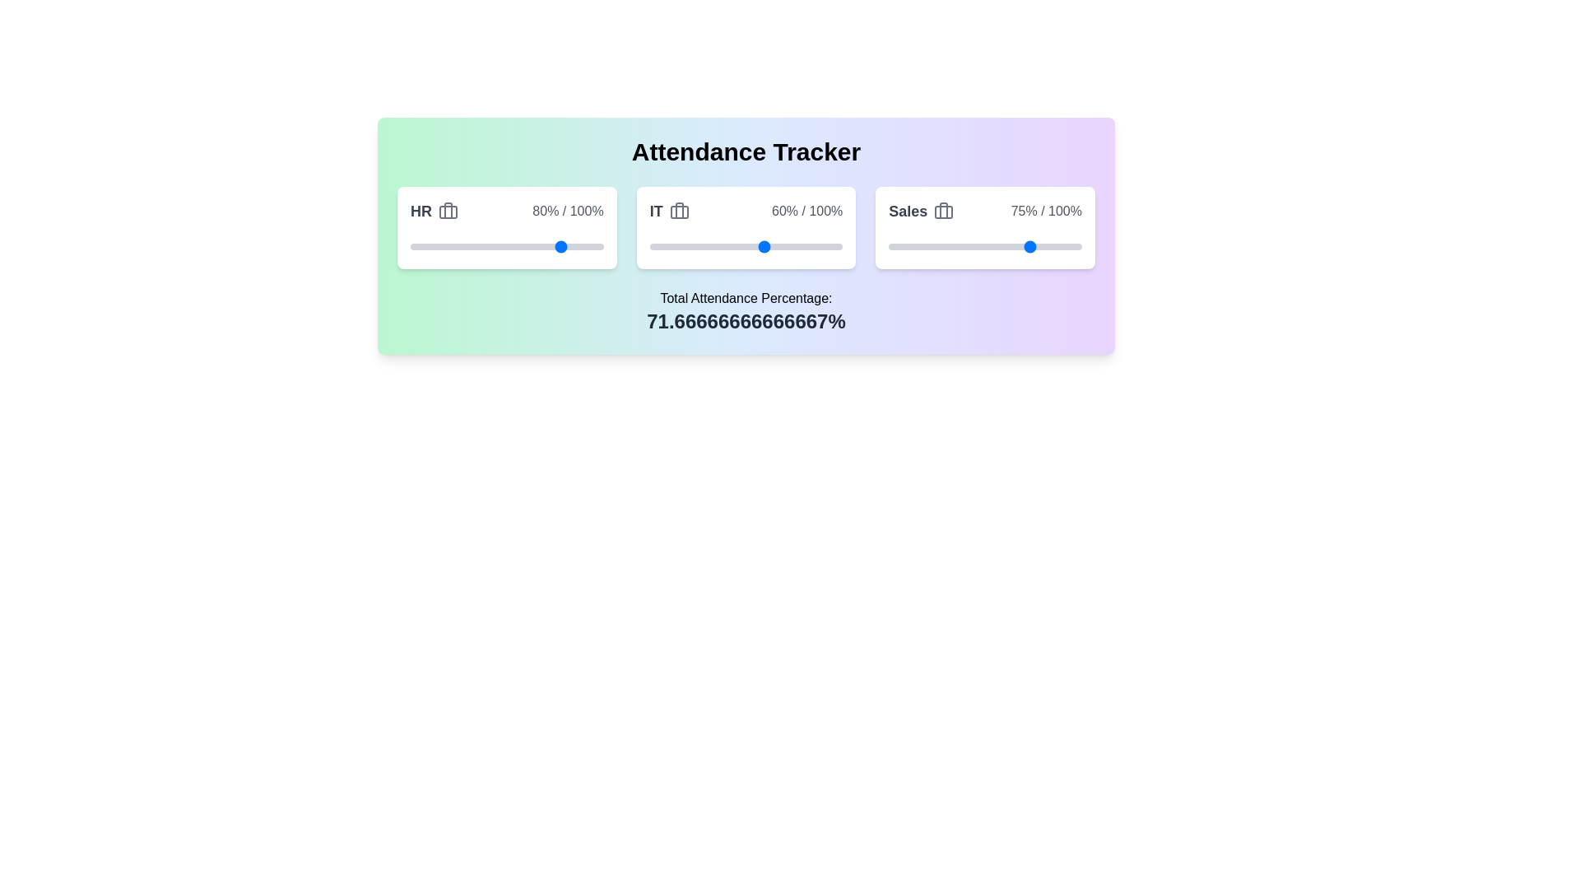 Image resolution: width=1580 pixels, height=889 pixels. I want to click on the read-only Text Display element that shows the total attendance percentage, positioned below the HR, IT, and Sales sections, so click(746, 311).